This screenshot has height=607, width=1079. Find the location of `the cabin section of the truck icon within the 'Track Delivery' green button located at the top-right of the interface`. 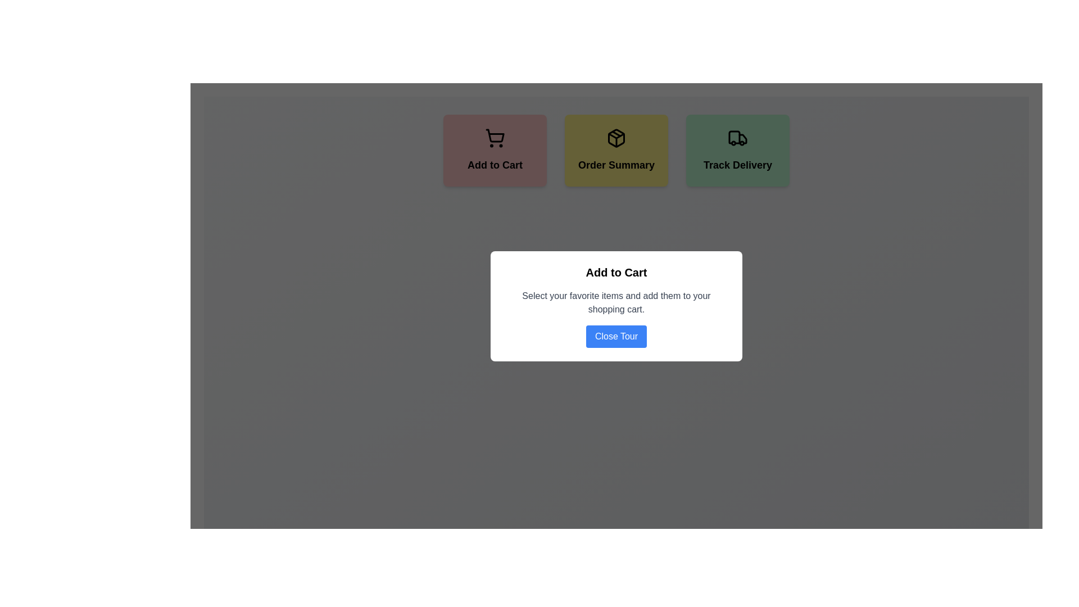

the cabin section of the truck icon within the 'Track Delivery' green button located at the top-right of the interface is located at coordinates (735, 137).